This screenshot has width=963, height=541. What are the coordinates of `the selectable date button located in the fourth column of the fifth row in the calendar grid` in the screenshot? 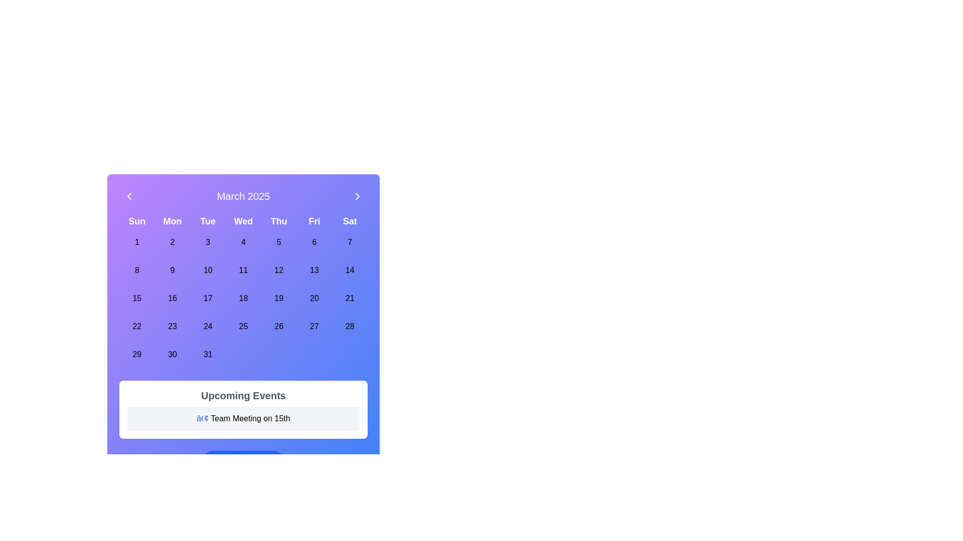 It's located at (173, 326).